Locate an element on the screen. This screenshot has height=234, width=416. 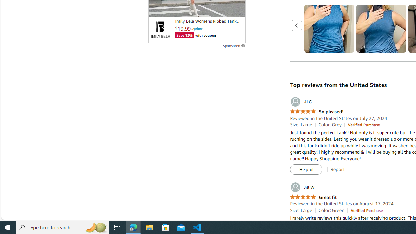
'5.0 out of 5 stars Great fit' is located at coordinates (313, 197).